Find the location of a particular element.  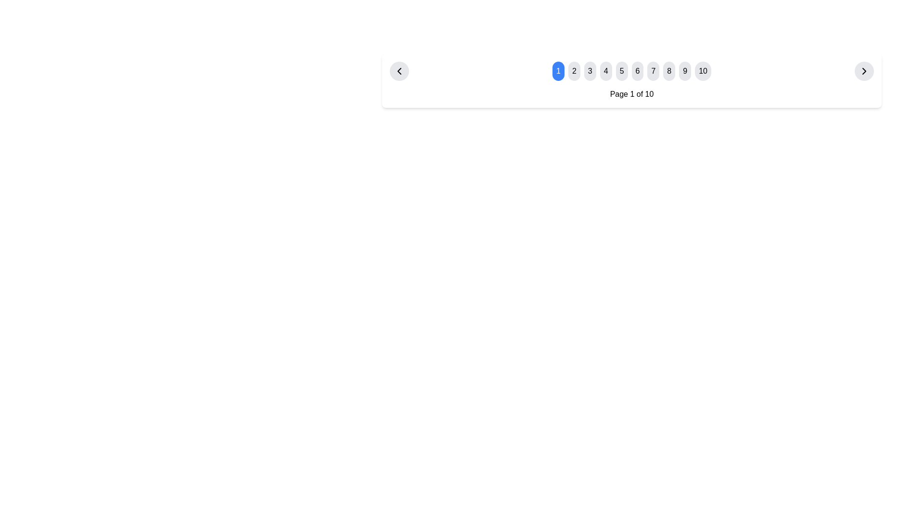

the sixth pagination button, which allows navigation to the sixth page of a paginated list is located at coordinates (637, 70).